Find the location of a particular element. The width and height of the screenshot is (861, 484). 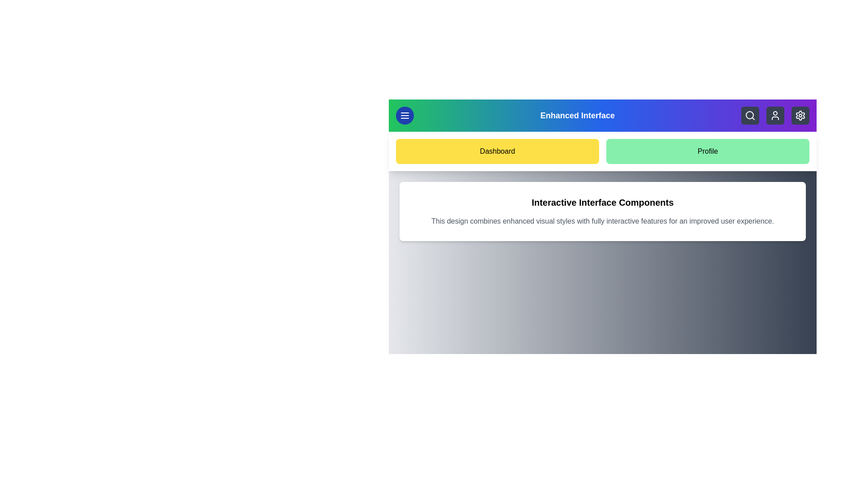

the search button to initiate the search functionality is located at coordinates (750, 115).